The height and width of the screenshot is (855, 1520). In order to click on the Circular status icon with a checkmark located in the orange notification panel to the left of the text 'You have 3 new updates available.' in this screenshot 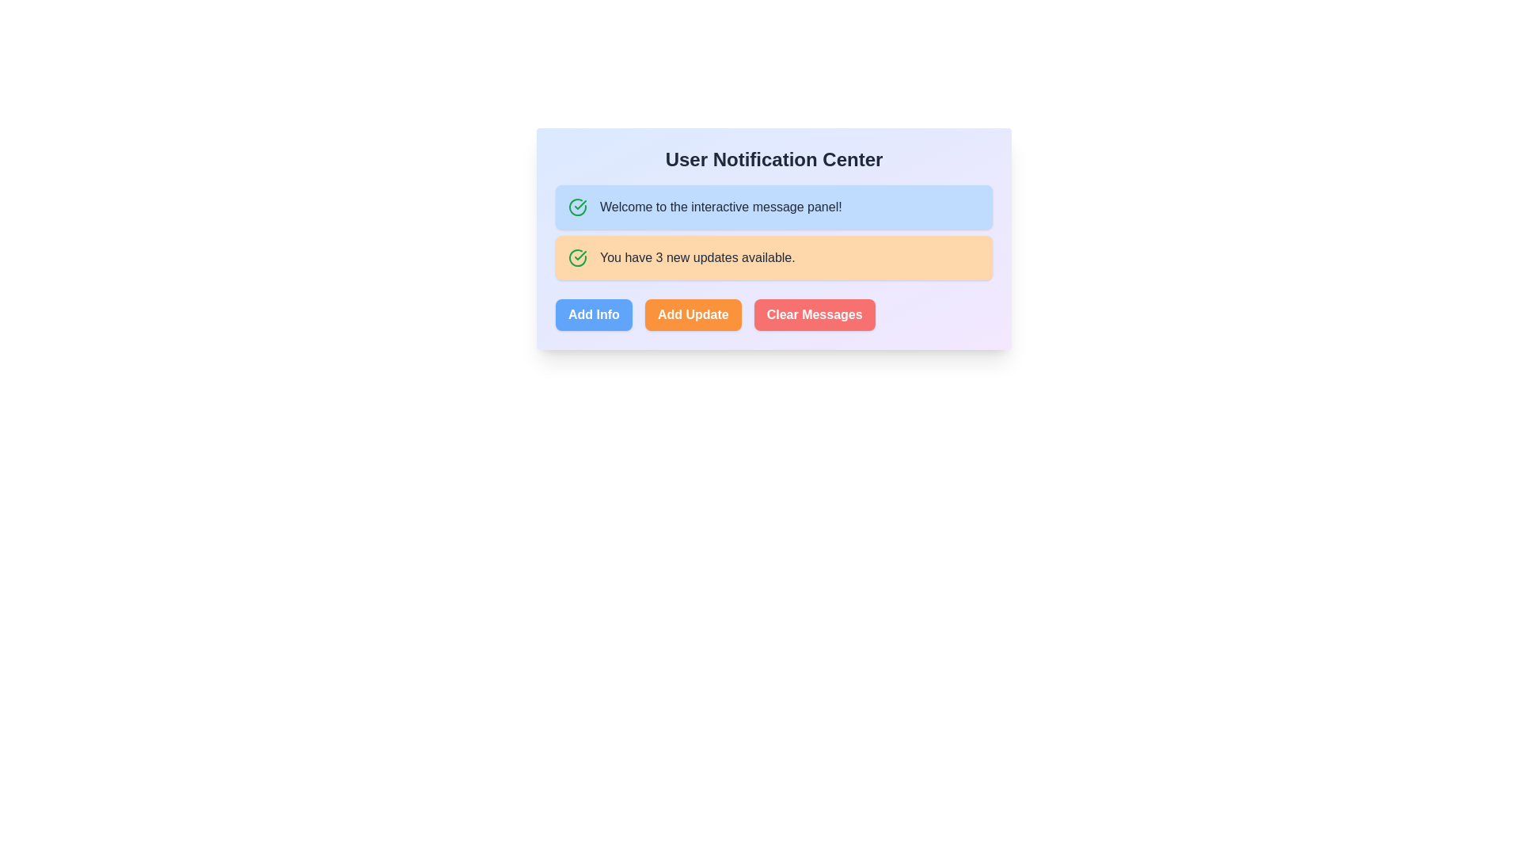, I will do `click(576, 256)`.